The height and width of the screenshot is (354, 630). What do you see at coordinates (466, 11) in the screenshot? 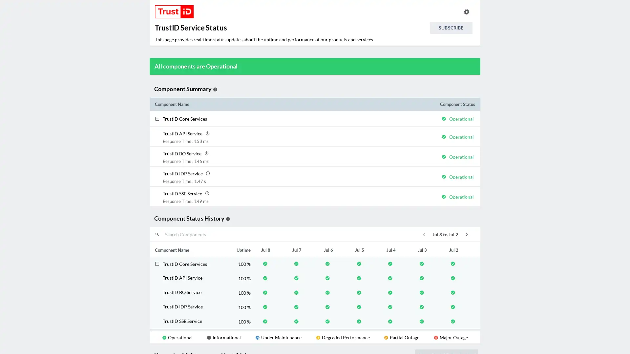
I see `info.statuspage.switch.timezone.language` at bounding box center [466, 11].